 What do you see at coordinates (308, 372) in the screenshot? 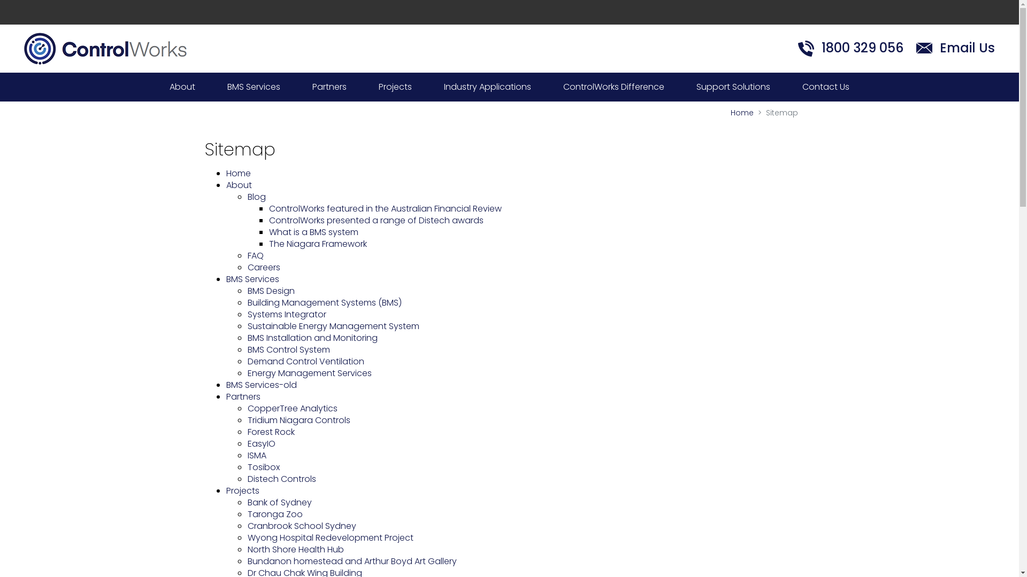
I see `'Energy Management Services'` at bounding box center [308, 372].